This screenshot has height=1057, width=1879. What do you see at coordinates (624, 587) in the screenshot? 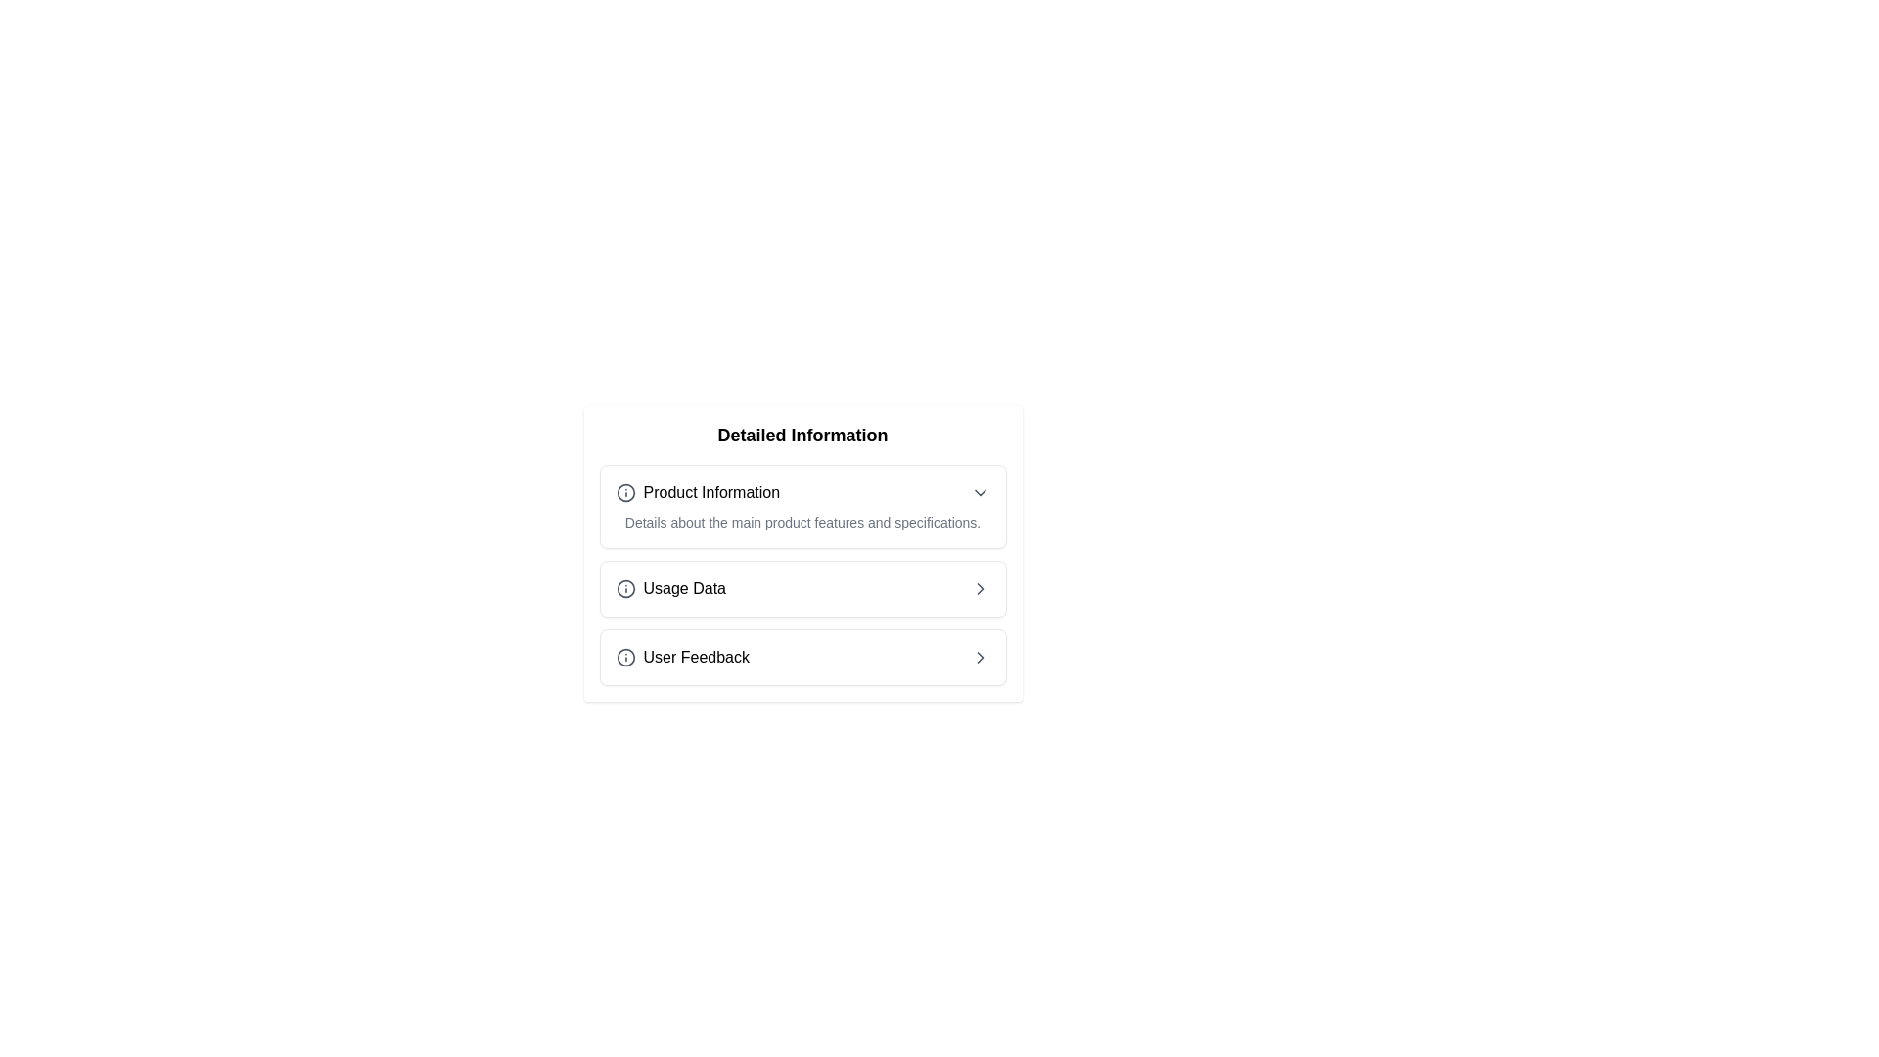
I see `the information icon with a circular outline and a dot, located in the leftmost part of the 'Usage Data' item row` at bounding box center [624, 587].